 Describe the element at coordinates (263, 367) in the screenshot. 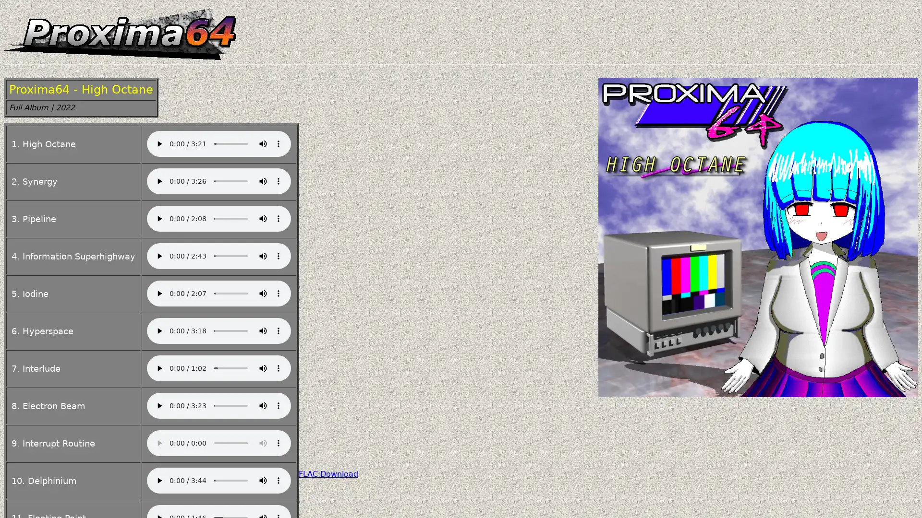

I see `mute` at that location.